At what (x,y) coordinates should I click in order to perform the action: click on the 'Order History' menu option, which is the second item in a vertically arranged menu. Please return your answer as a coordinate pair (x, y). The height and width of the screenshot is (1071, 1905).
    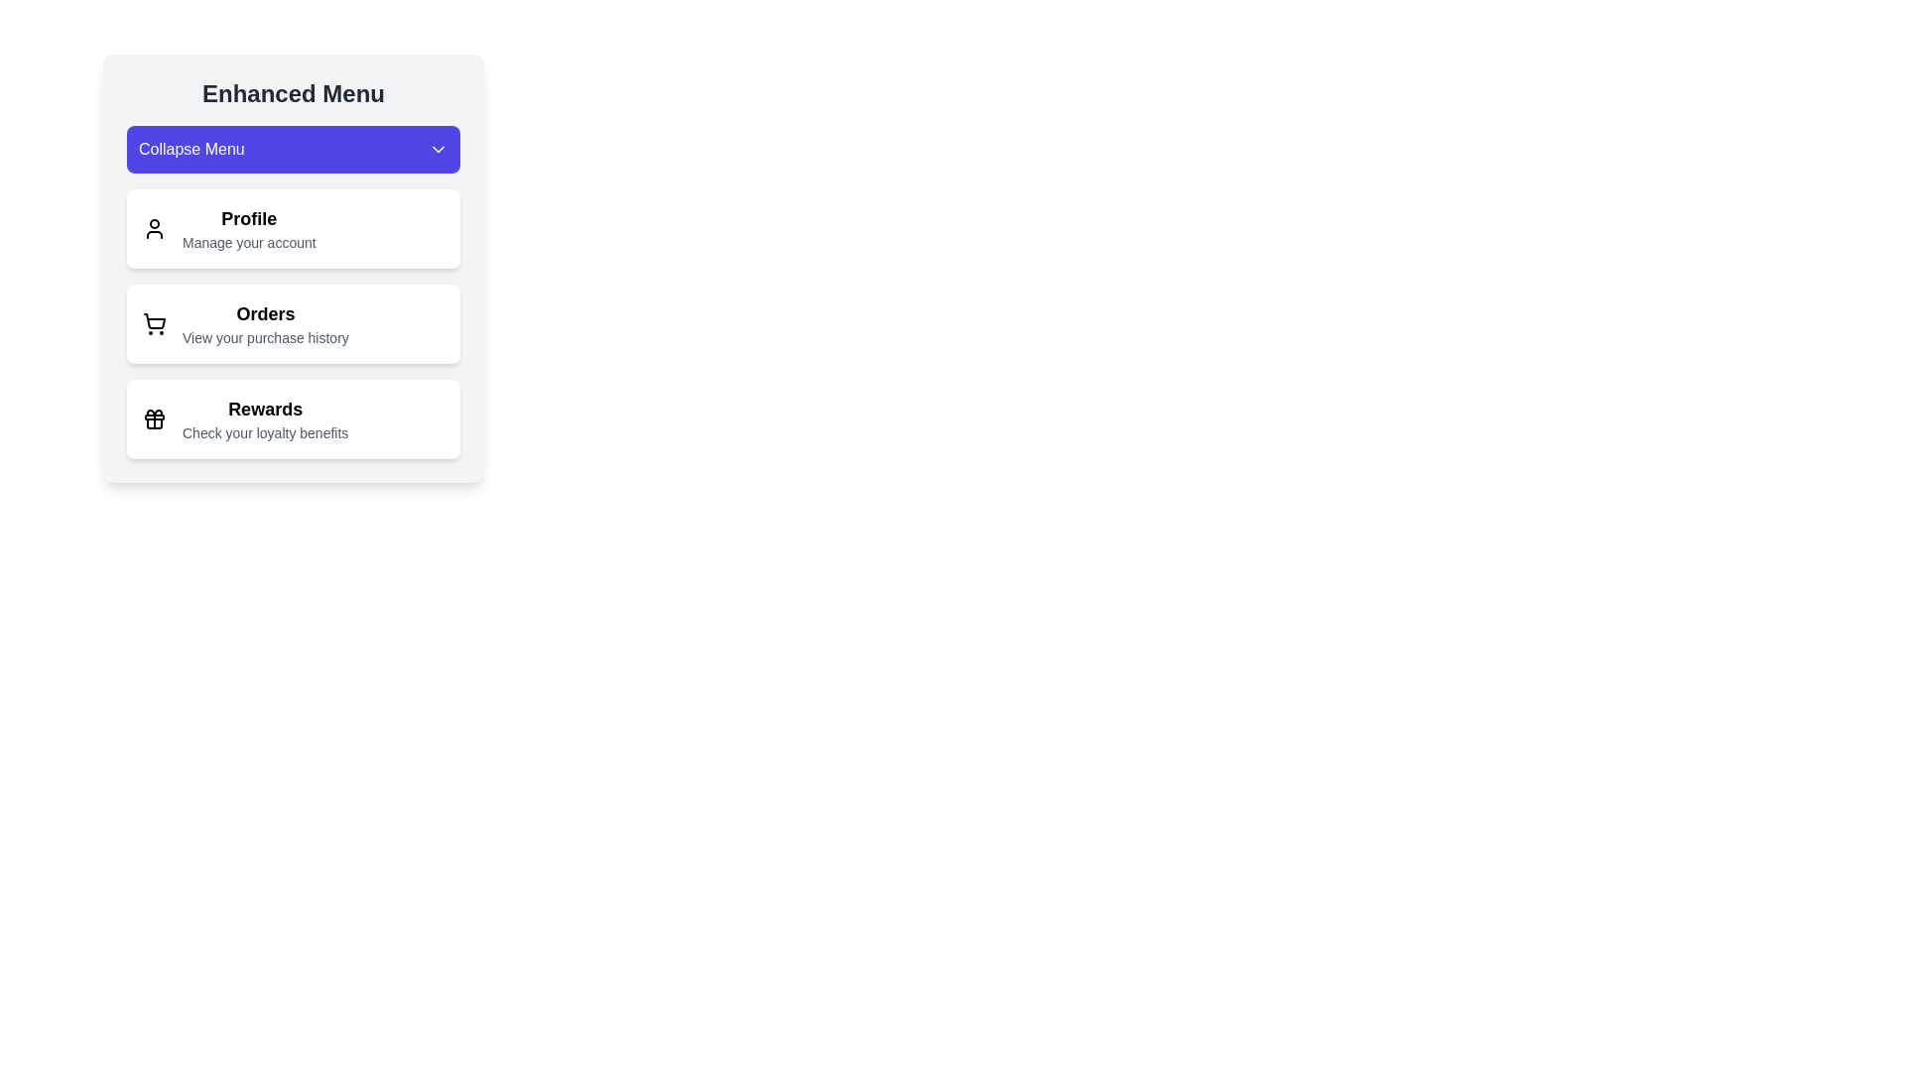
    Looking at the image, I should click on (293, 323).